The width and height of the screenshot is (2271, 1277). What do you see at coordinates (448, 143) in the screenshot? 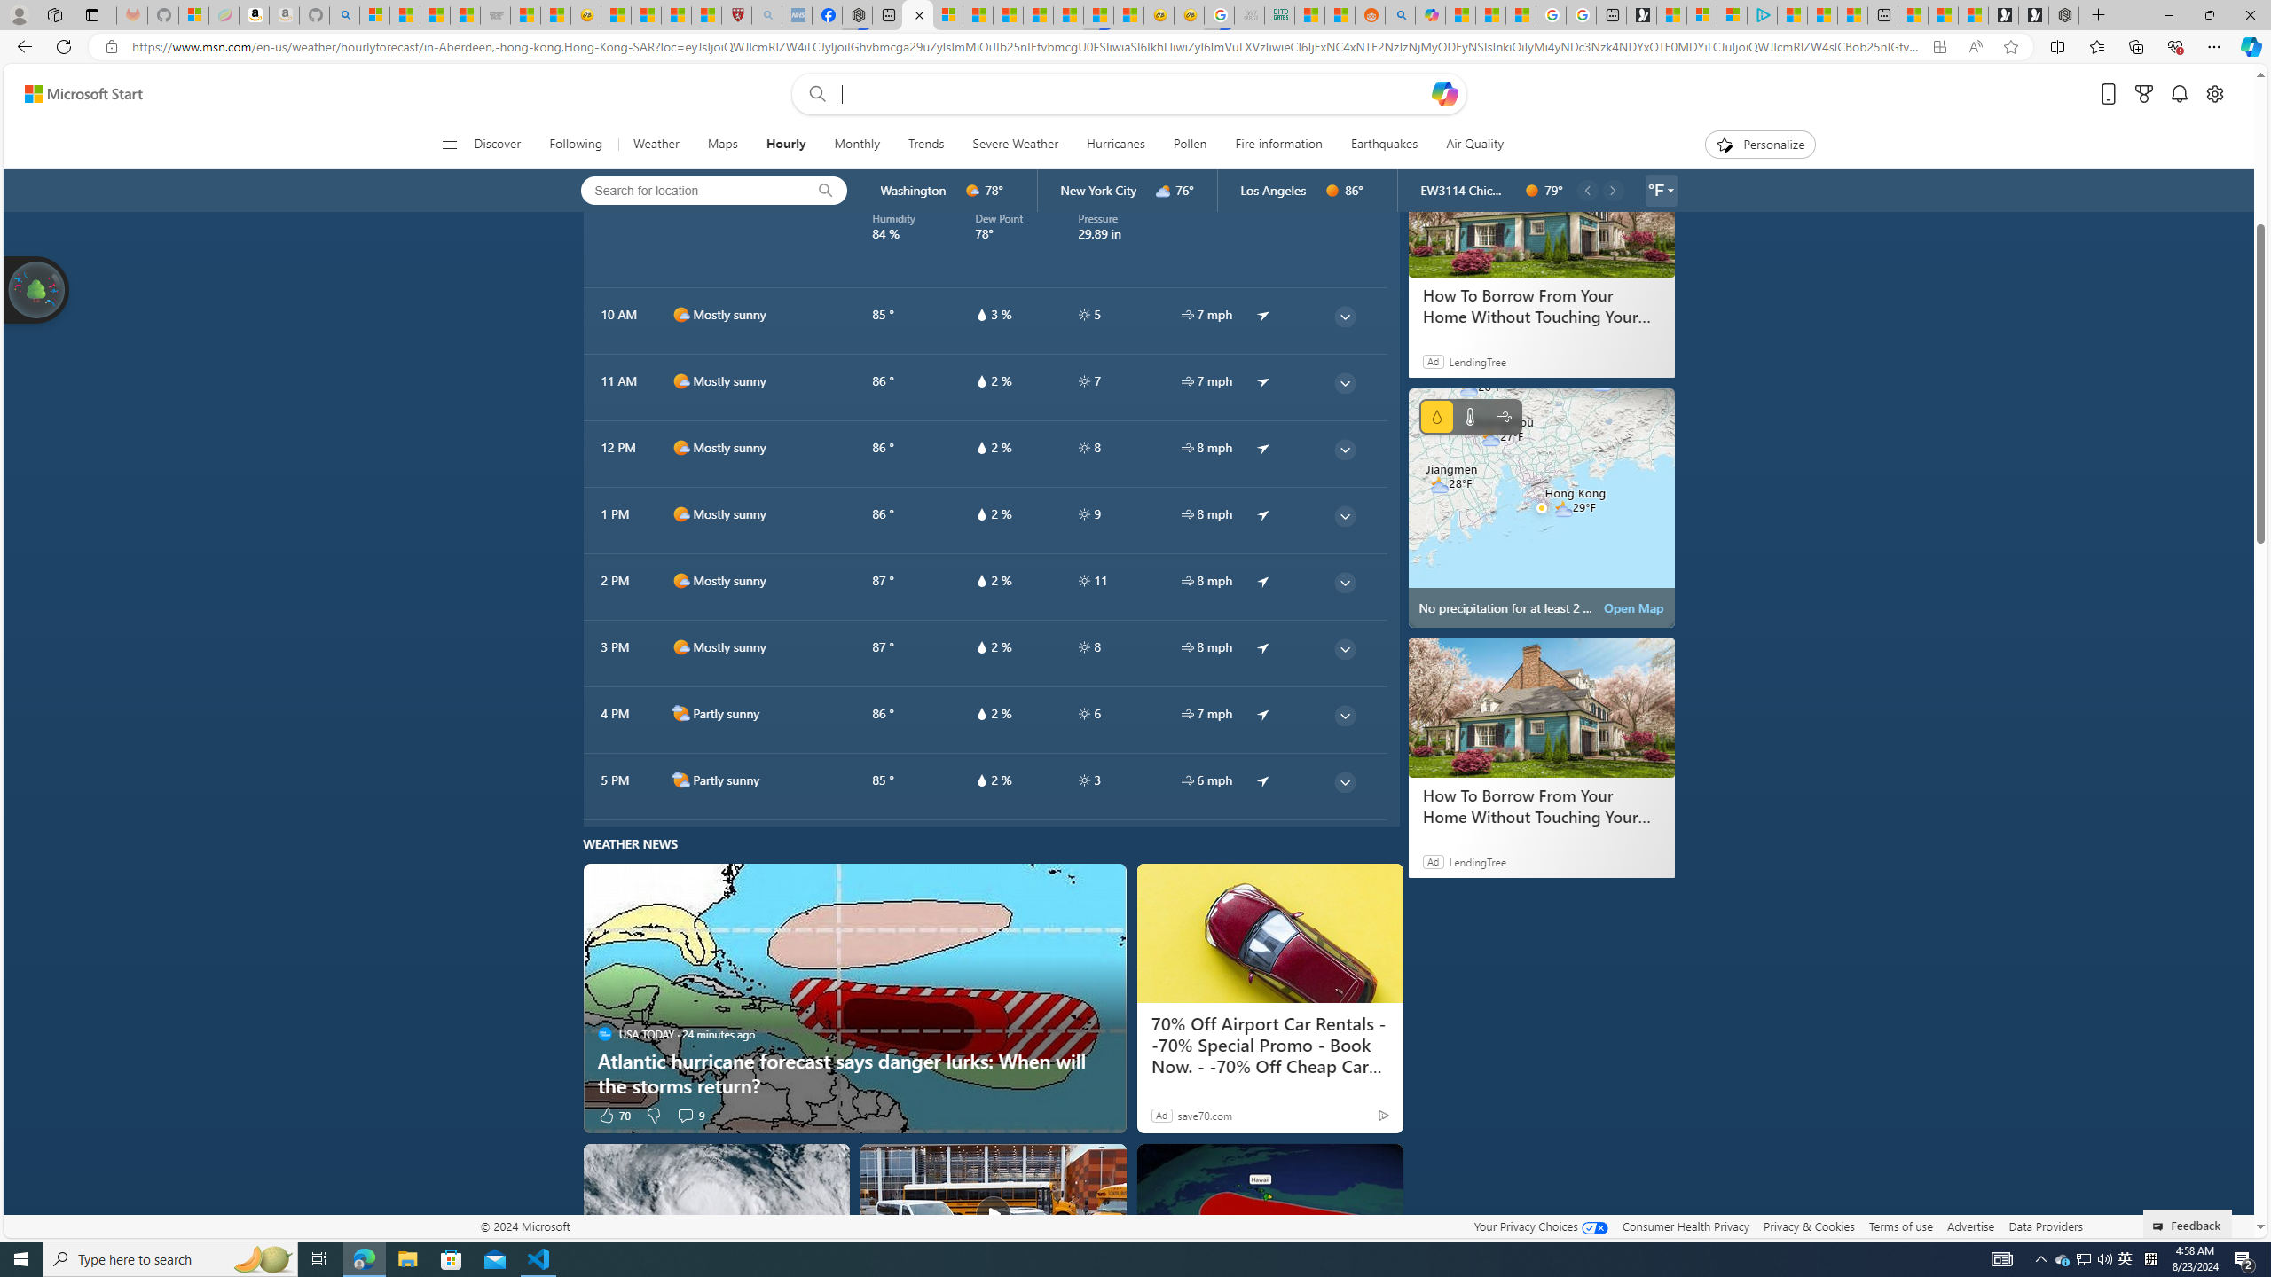
I see `'Open navigation menu'` at bounding box center [448, 143].